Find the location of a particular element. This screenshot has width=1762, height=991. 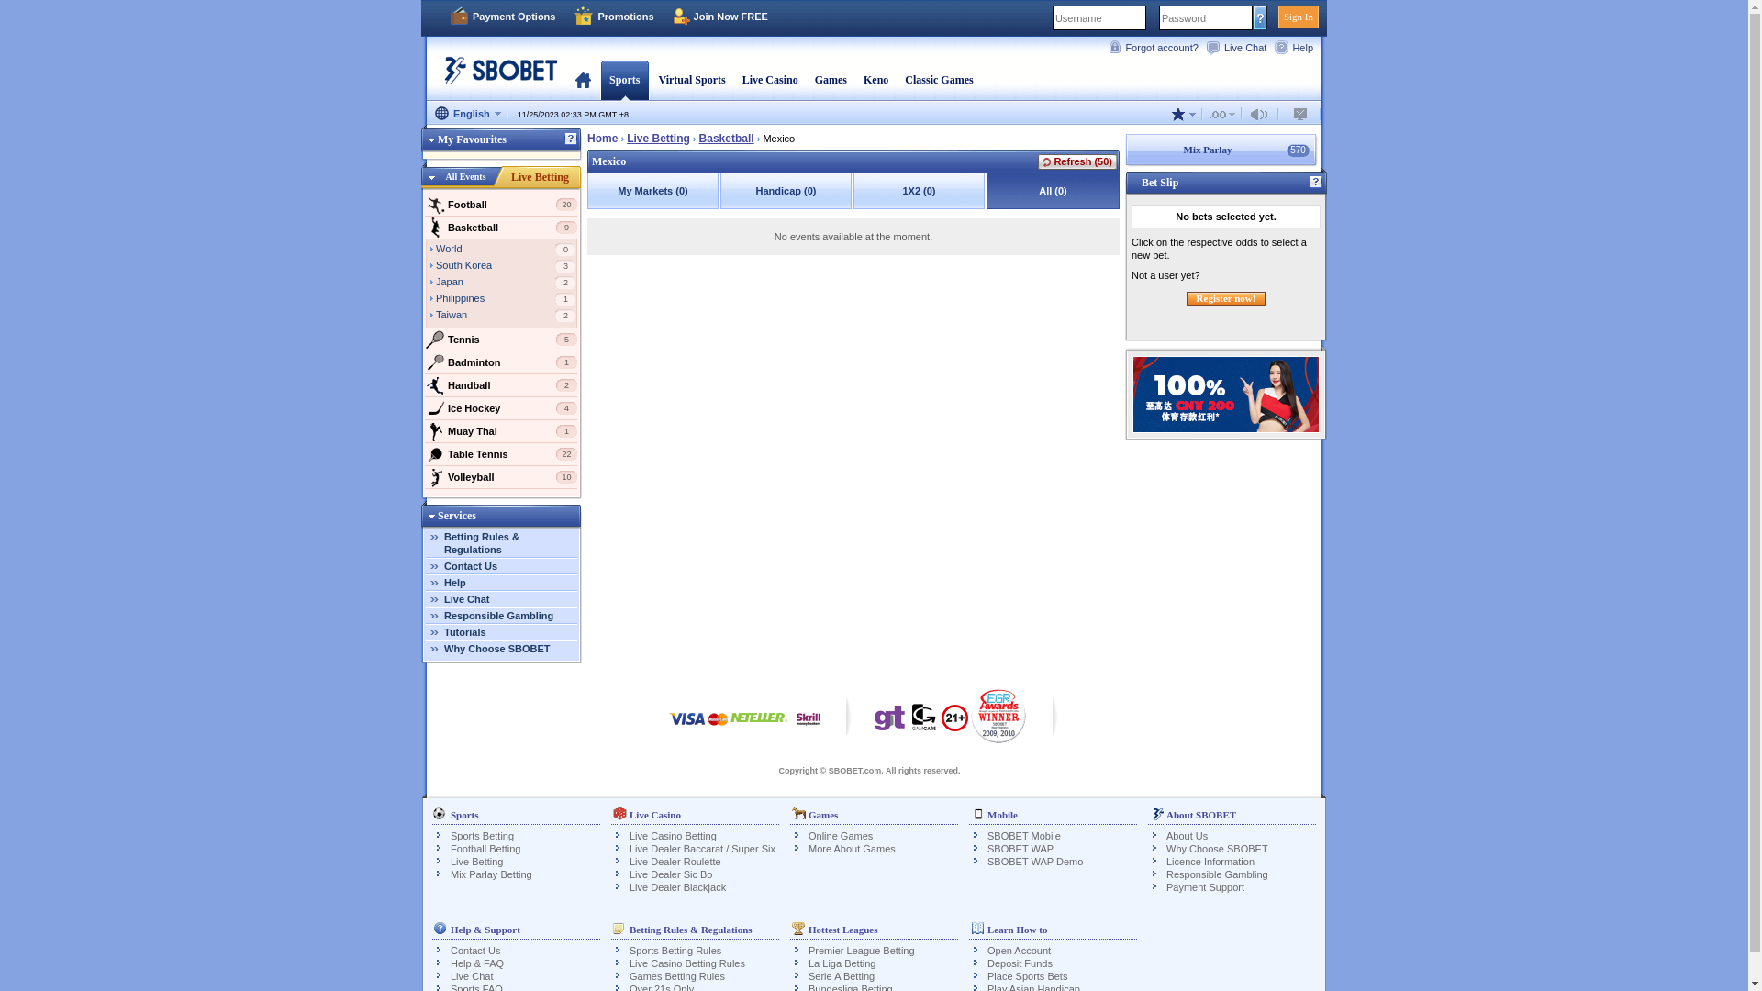

'Payment Support' is located at coordinates (1165, 886).